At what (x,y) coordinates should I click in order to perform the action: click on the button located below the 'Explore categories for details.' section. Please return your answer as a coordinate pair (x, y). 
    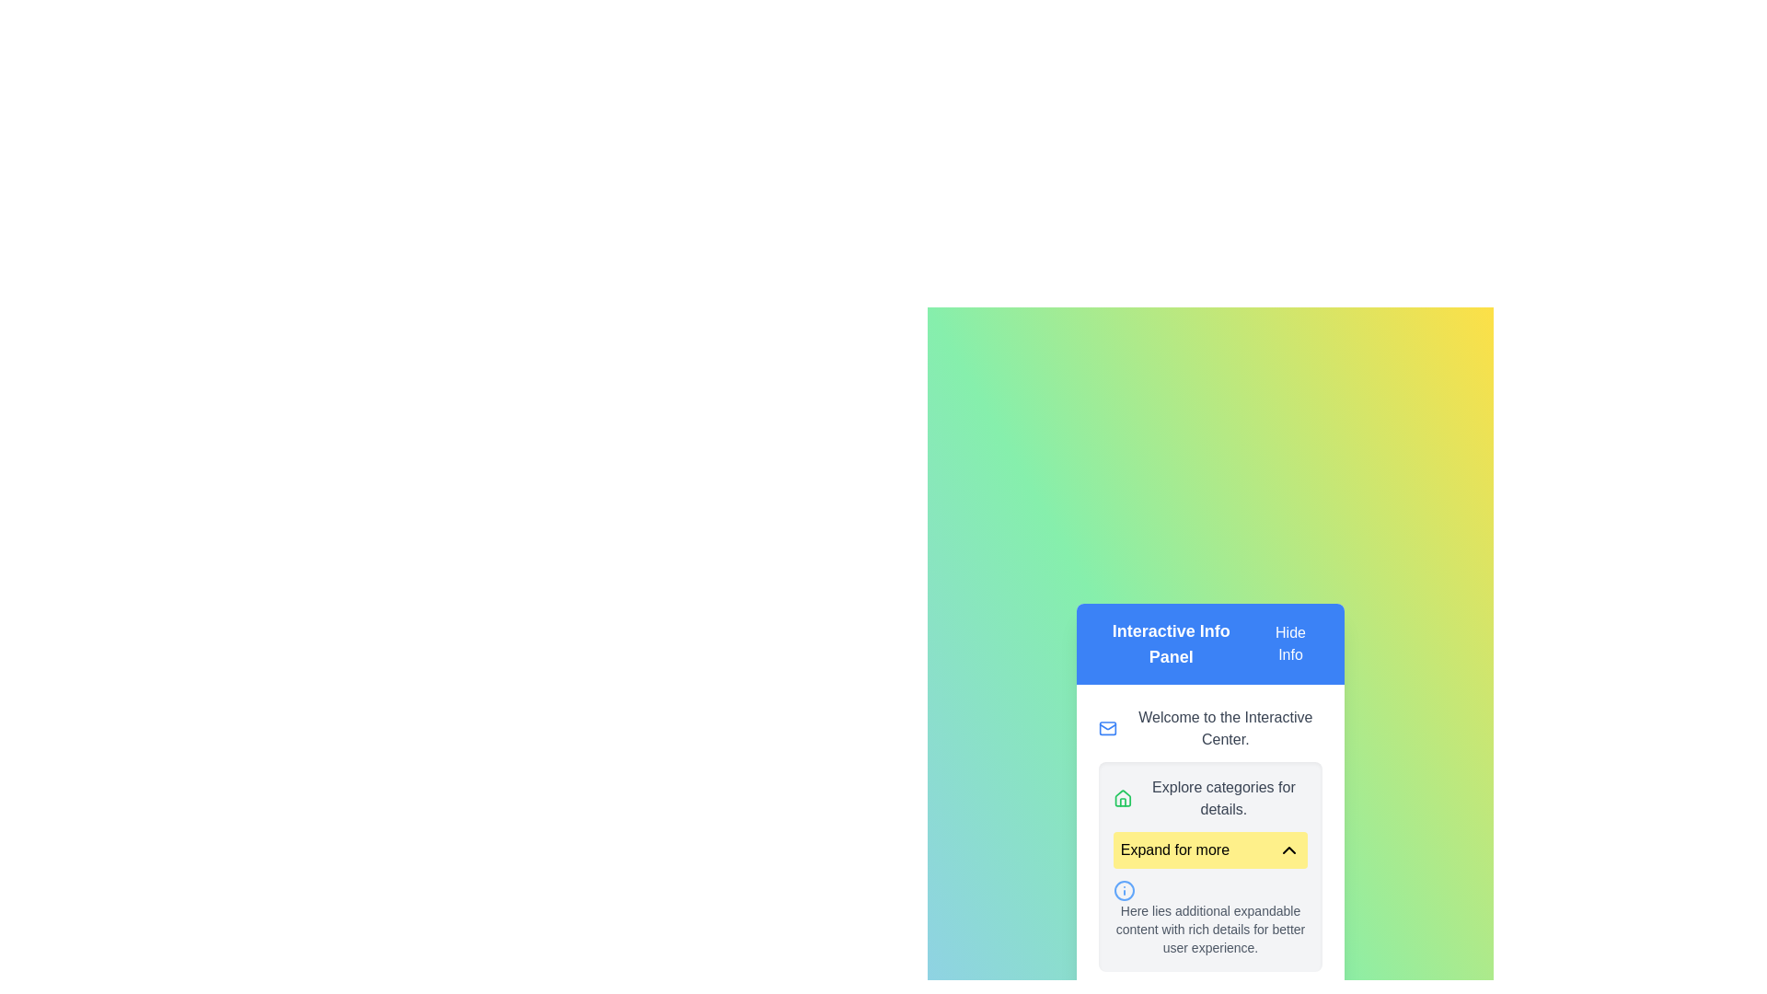
    Looking at the image, I should click on (1210, 866).